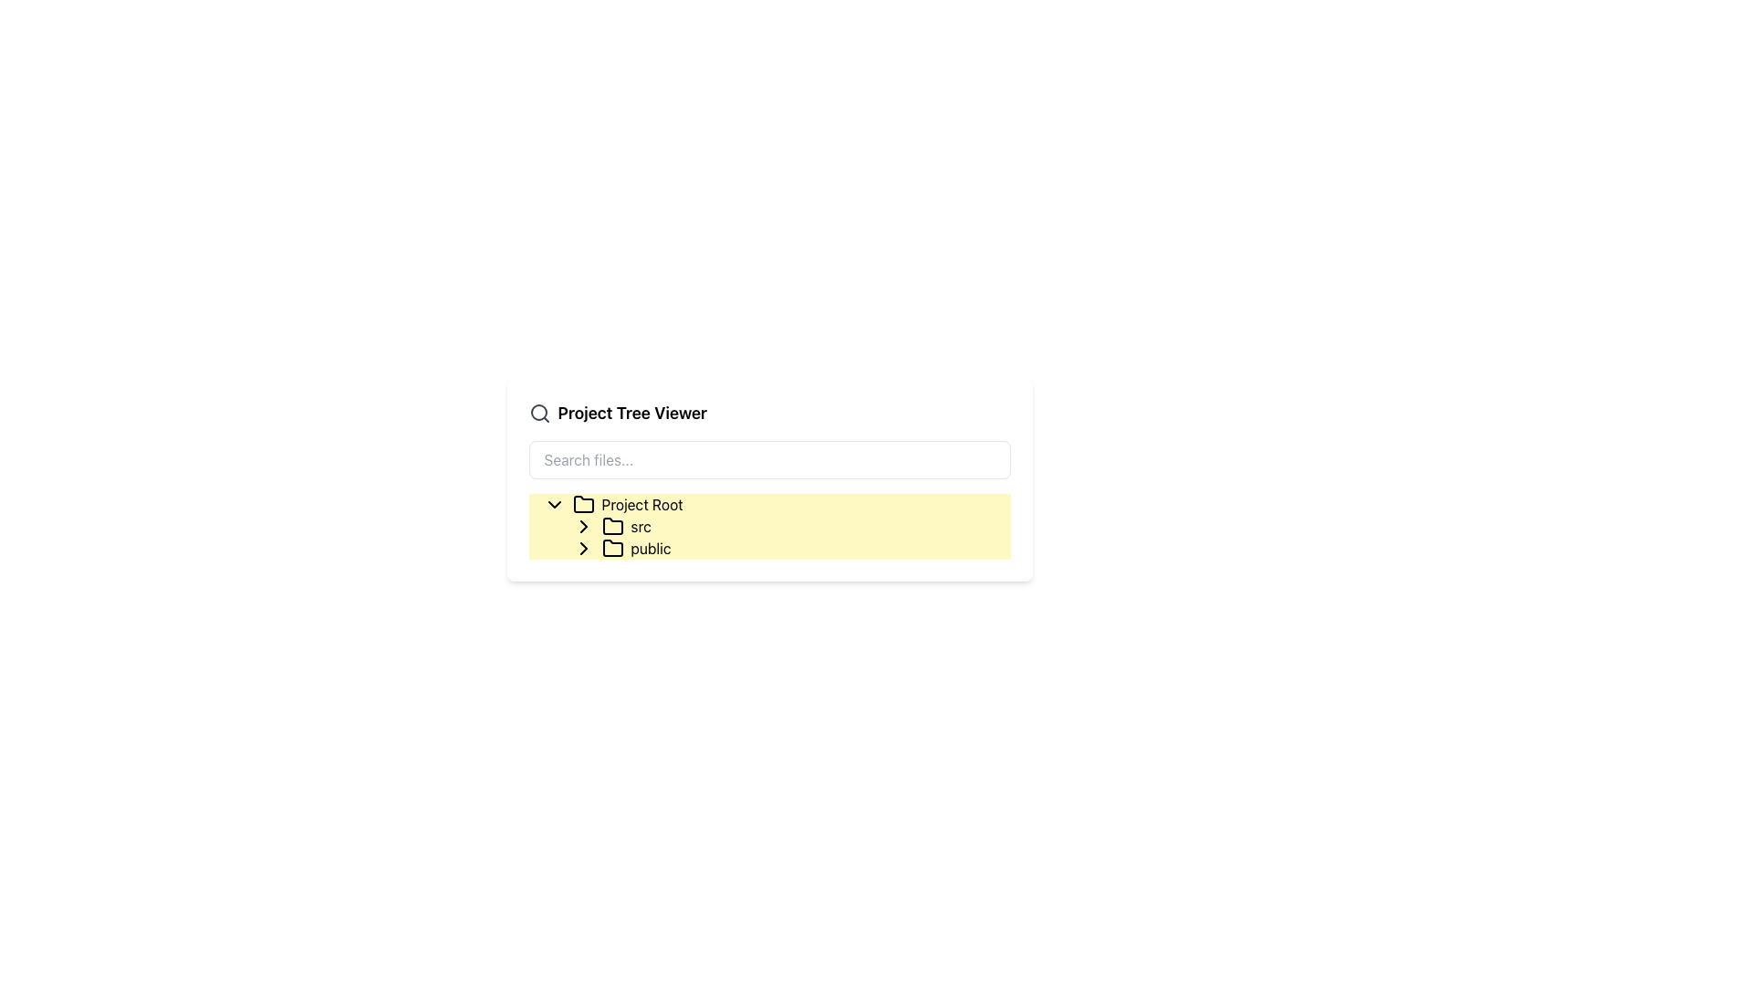  Describe the element at coordinates (769, 527) in the screenshot. I see `the Tree View Component displaying 'Project Root' and its children 'src' and 'public' to view the context menu` at that location.